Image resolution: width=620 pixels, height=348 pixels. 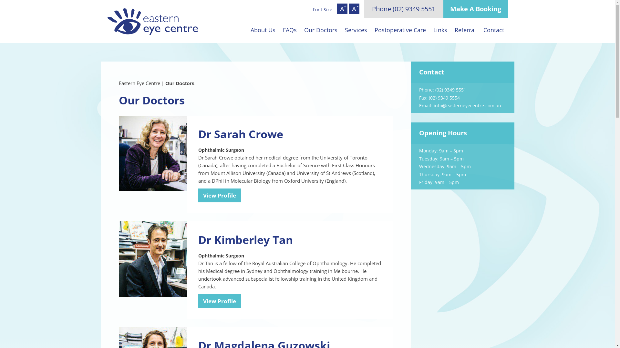 I want to click on 'About Us', so click(x=246, y=30).